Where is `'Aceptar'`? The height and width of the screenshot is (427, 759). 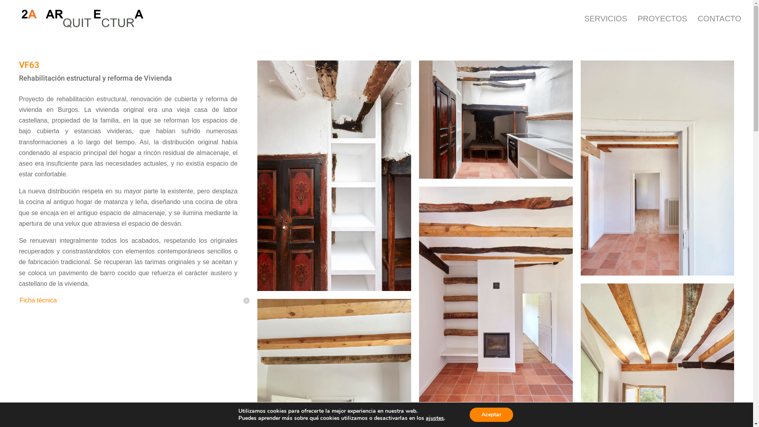 'Aceptar' is located at coordinates (470, 414).